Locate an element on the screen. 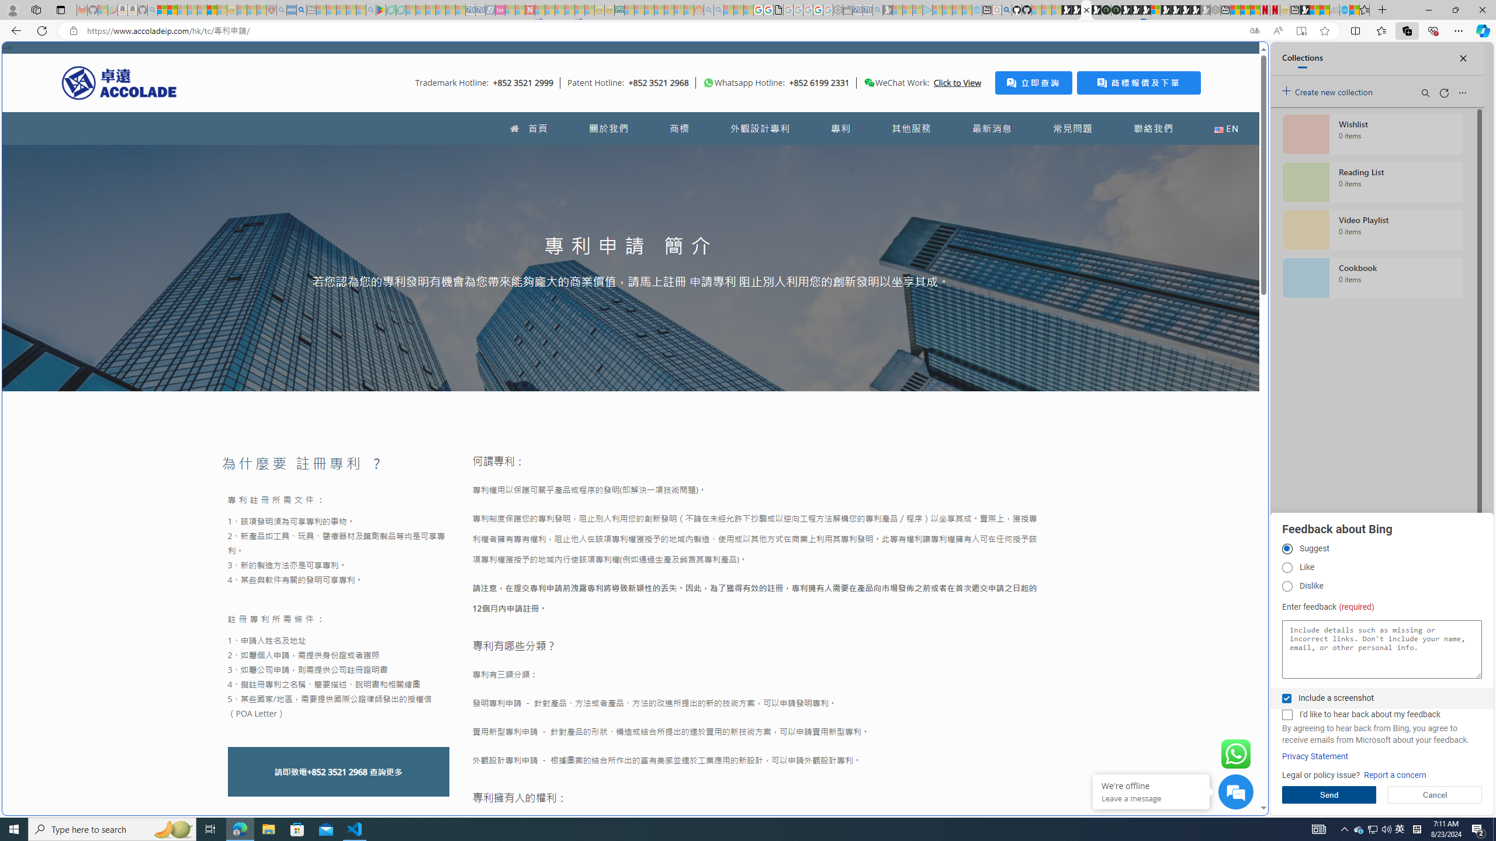 Image resolution: width=1496 pixels, height=841 pixels. 'Send' is located at coordinates (1329, 794).